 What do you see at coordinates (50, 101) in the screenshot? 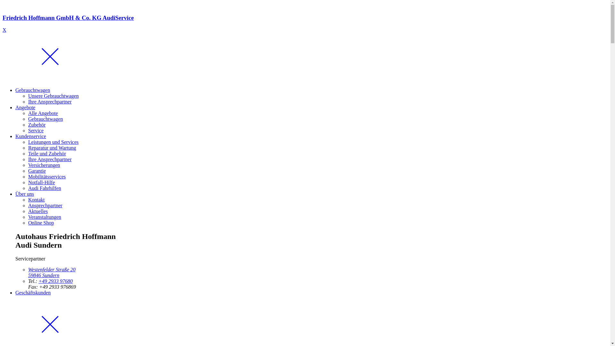
I see `'Ihre Ansprechpartner'` at bounding box center [50, 101].